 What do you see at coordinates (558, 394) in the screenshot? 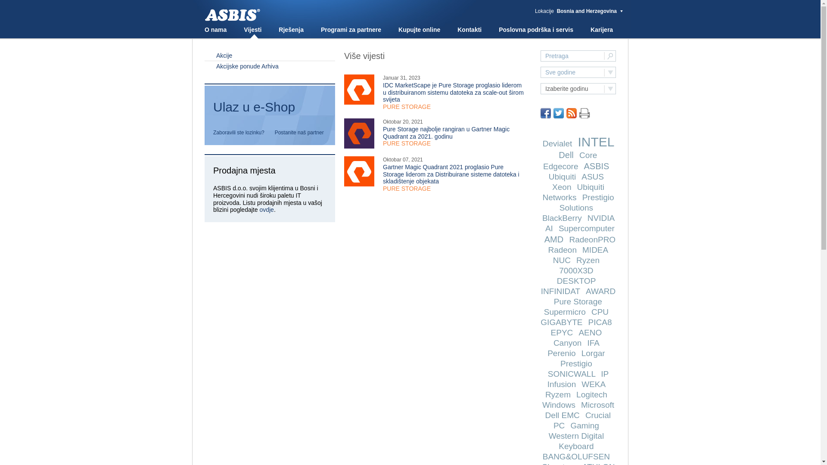
I see `'Ryzem'` at bounding box center [558, 394].